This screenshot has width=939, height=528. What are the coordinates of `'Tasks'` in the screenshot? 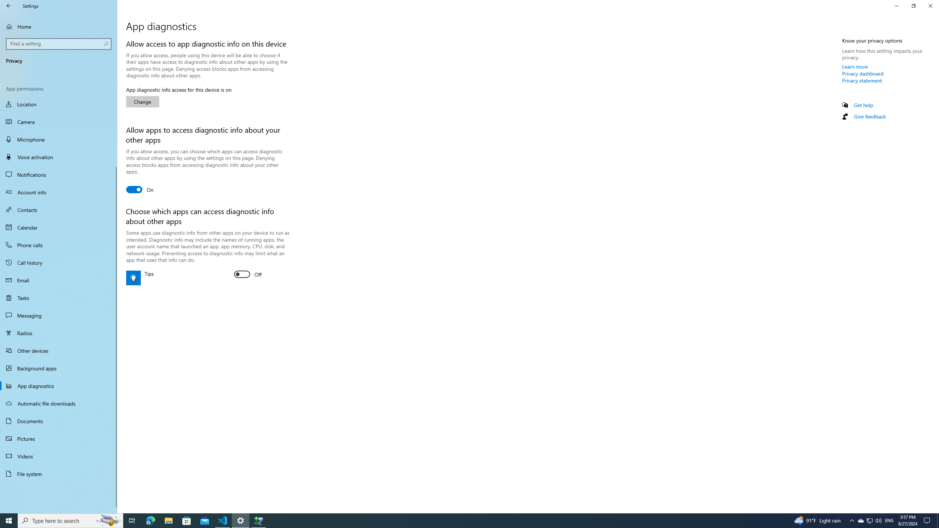 It's located at (58, 297).